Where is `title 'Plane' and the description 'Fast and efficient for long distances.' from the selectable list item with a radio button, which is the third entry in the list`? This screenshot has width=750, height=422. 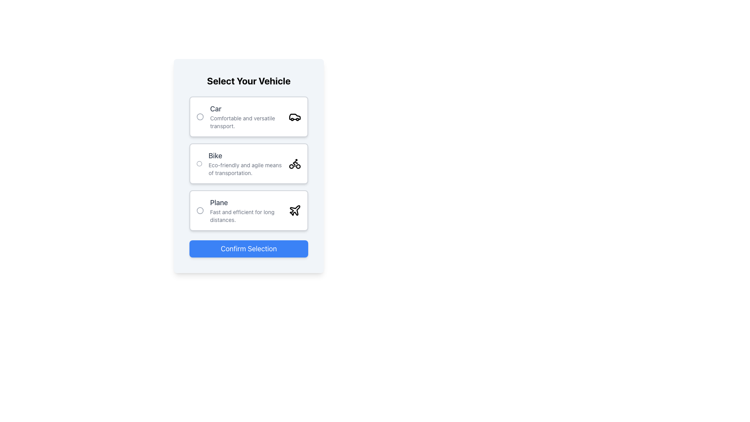 title 'Plane' and the description 'Fast and efficient for long distances.' from the selectable list item with a radio button, which is the third entry in the list is located at coordinates (248, 210).